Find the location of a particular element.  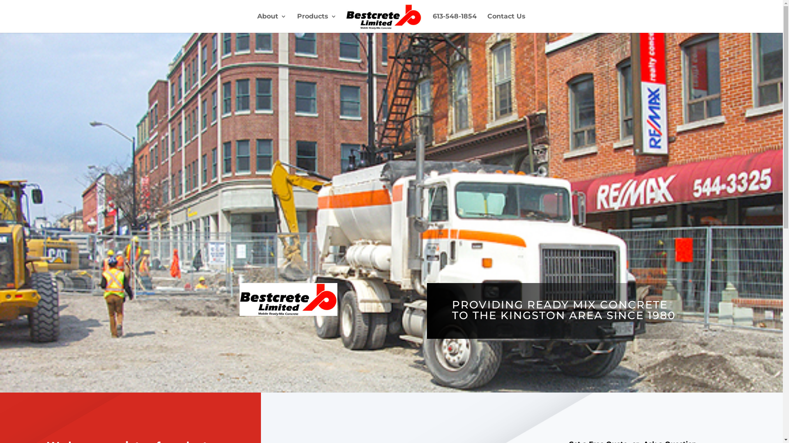

'613-548-1854' is located at coordinates (454, 23).